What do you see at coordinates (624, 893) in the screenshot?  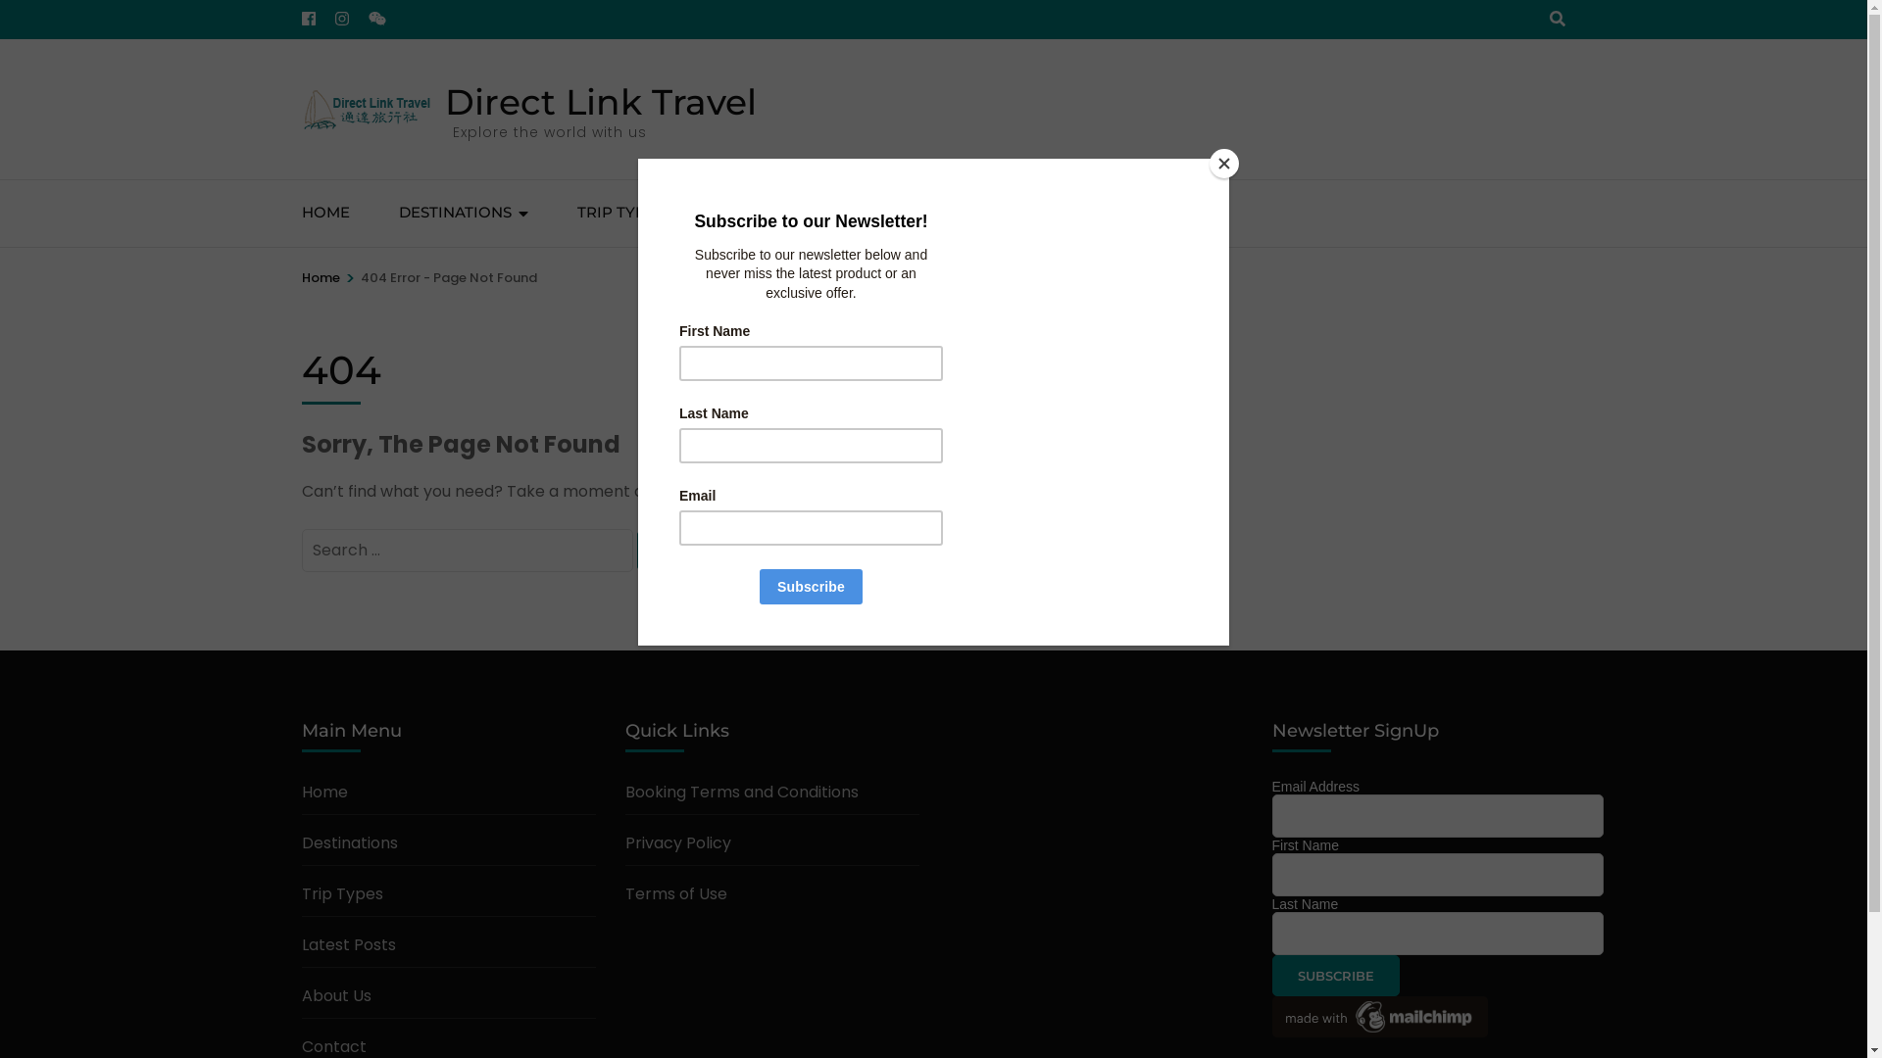 I see `'Terms of Use'` at bounding box center [624, 893].